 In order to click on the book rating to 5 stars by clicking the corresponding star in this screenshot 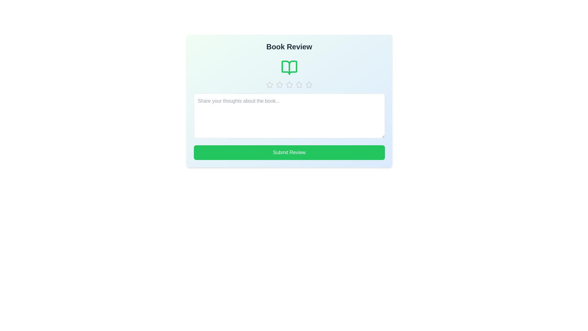, I will do `click(309, 85)`.